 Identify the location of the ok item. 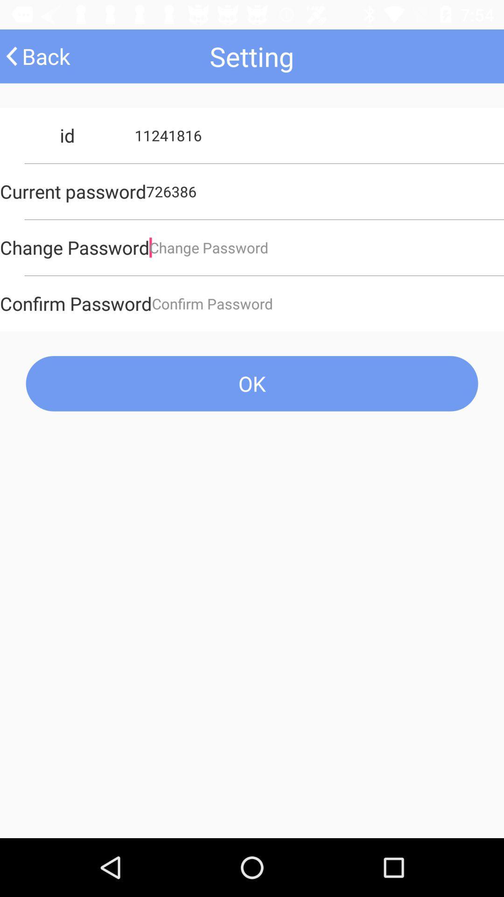
(252, 384).